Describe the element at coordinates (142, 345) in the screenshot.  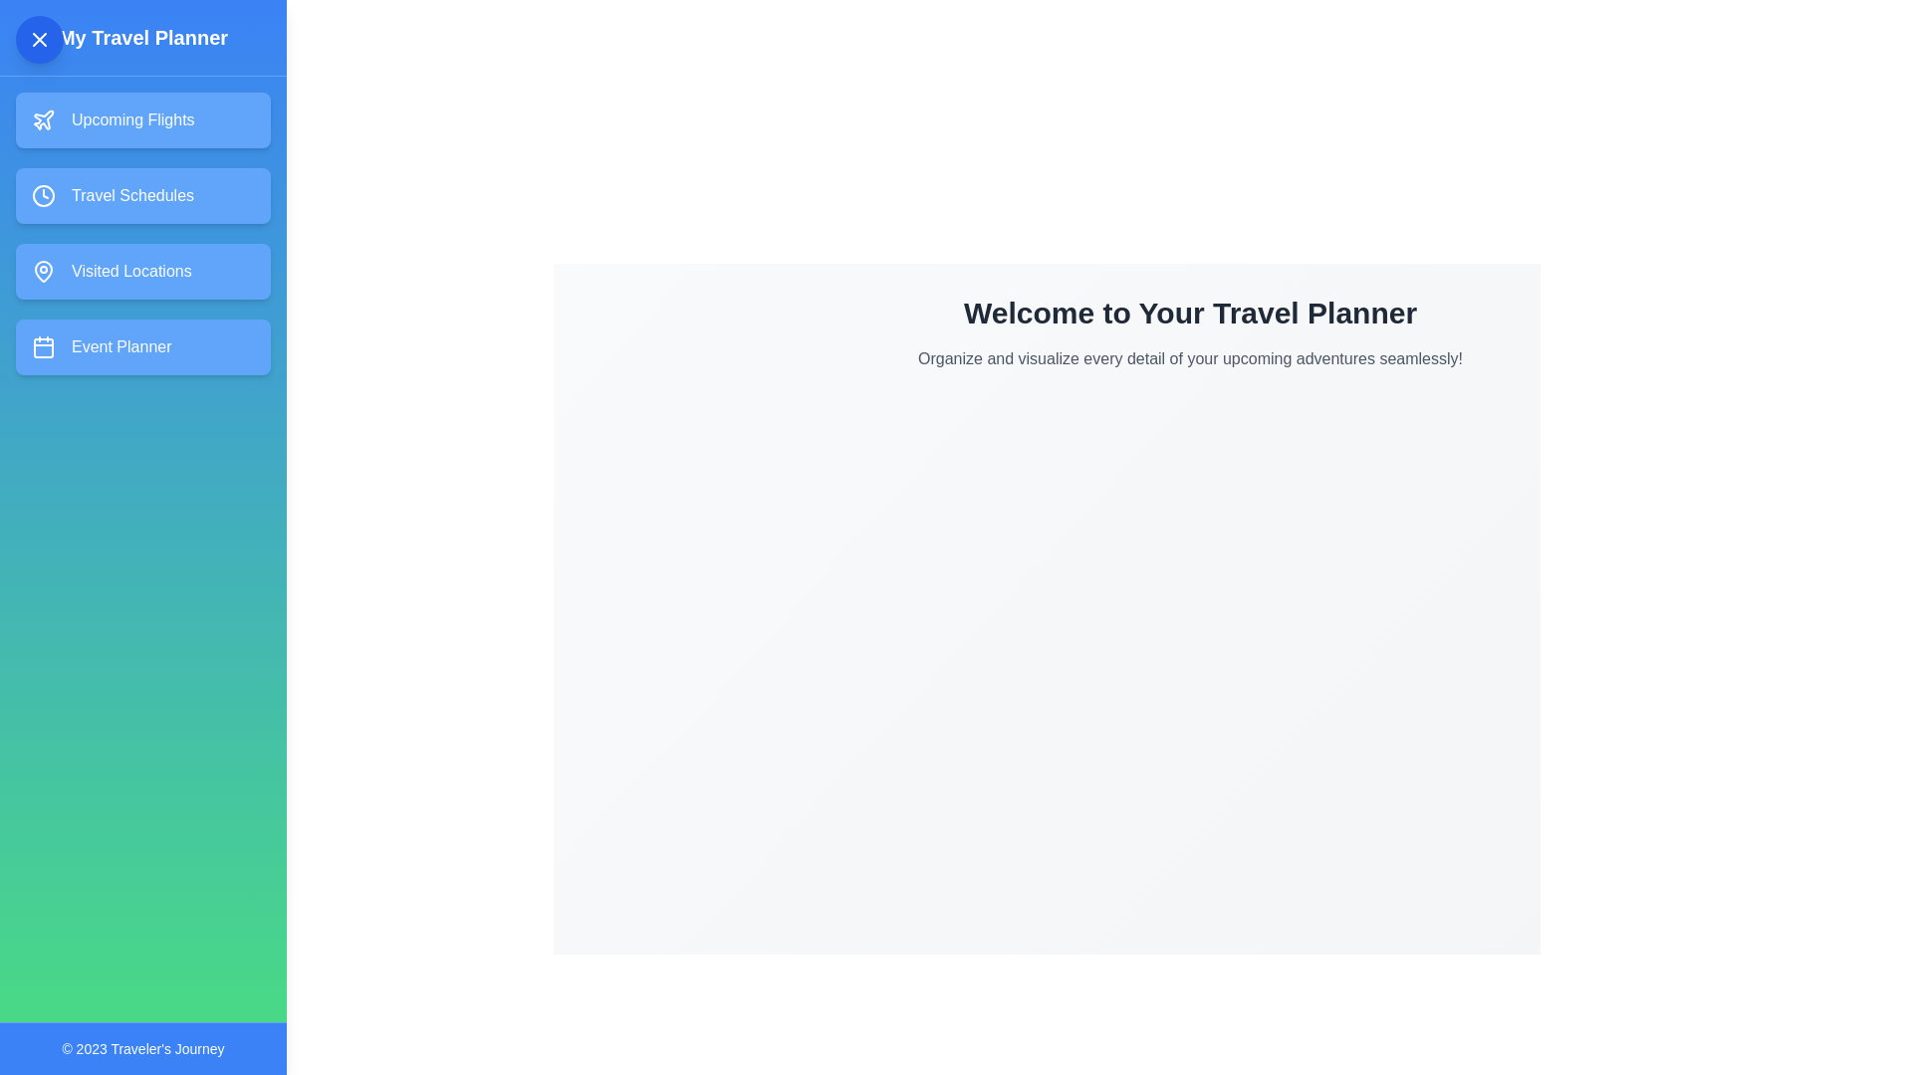
I see `the navigation button for the Event Planner feature, which is the fourth button in the sidebar` at that location.